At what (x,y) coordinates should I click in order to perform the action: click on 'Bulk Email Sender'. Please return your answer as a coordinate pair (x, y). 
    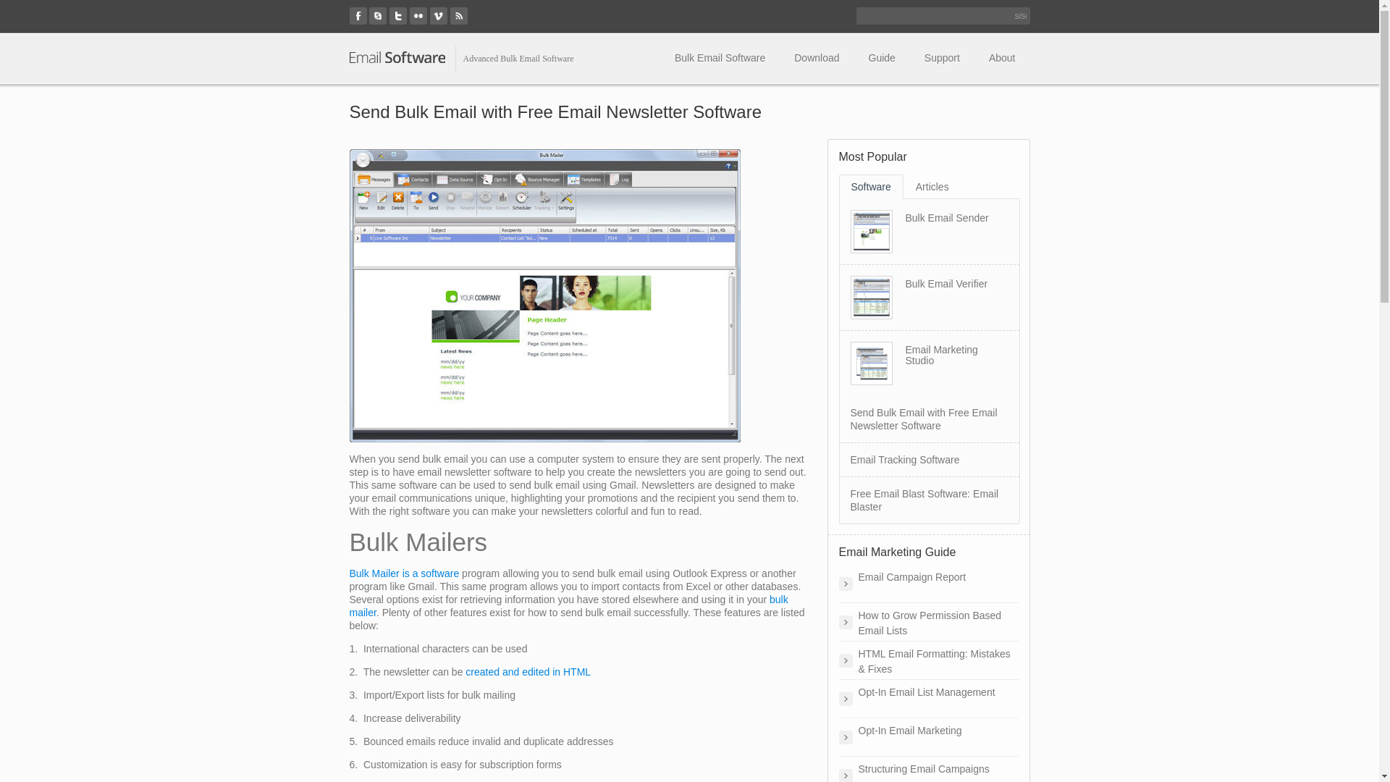
    Looking at the image, I should click on (946, 217).